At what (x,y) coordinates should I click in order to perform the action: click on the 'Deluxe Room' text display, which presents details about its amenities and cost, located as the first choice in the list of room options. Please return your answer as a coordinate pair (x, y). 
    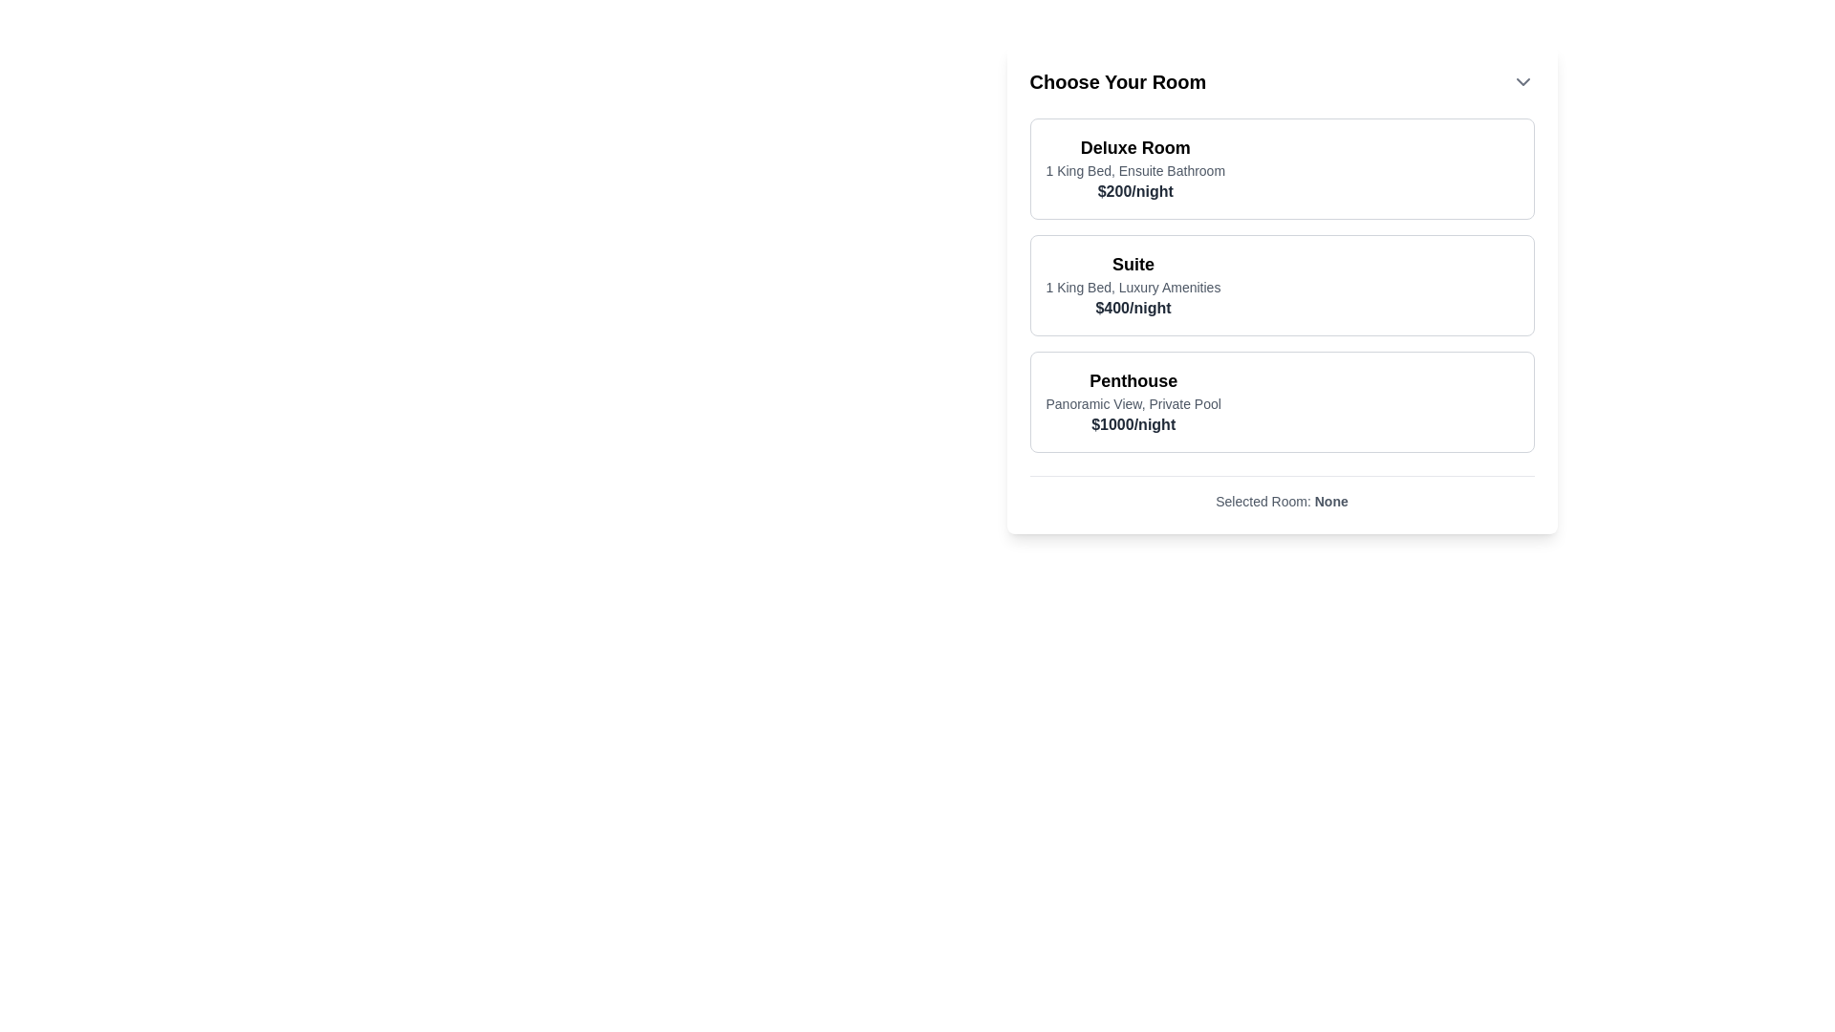
    Looking at the image, I should click on (1135, 168).